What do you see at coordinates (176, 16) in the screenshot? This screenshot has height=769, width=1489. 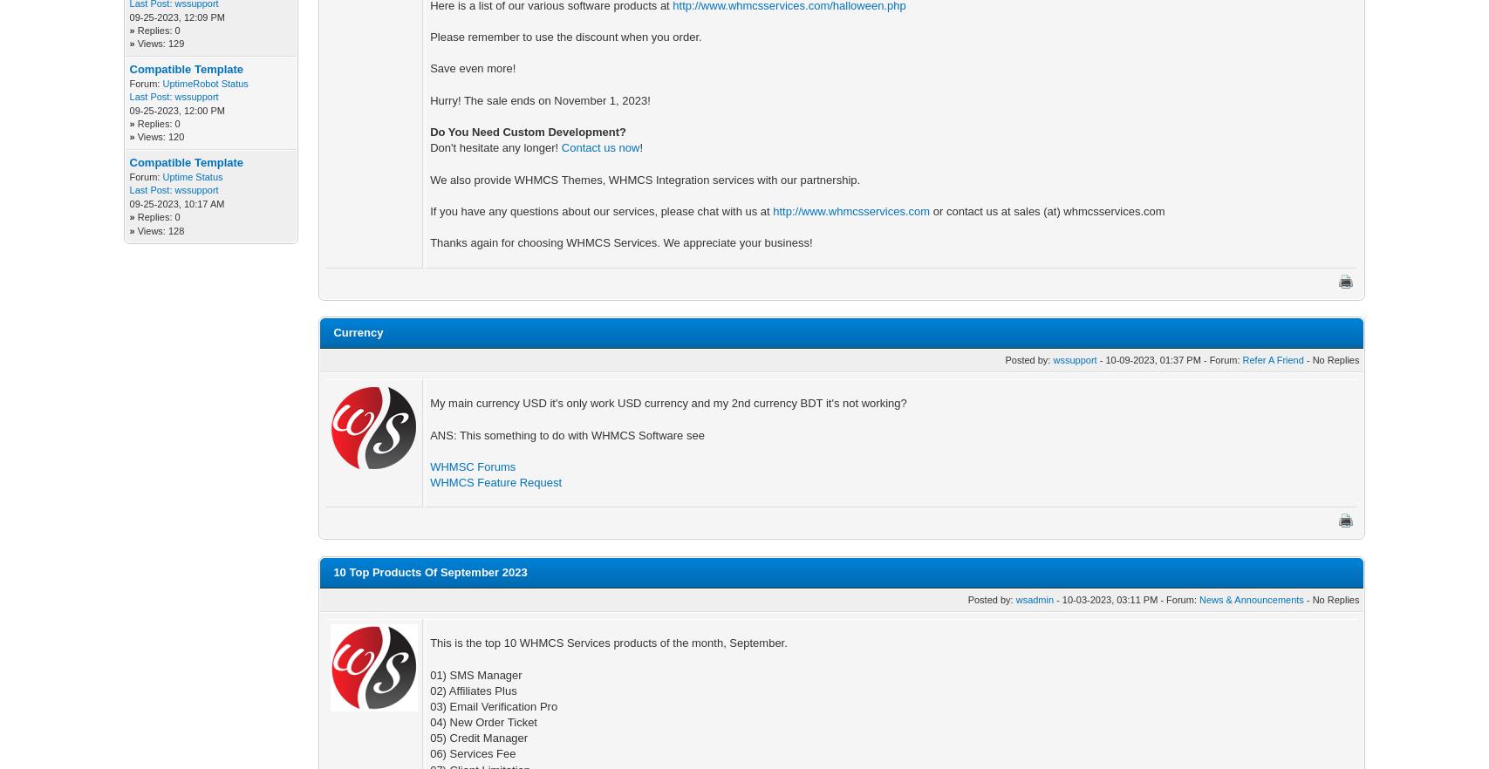 I see `'09-25-2023, 12:09 PM'` at bounding box center [176, 16].